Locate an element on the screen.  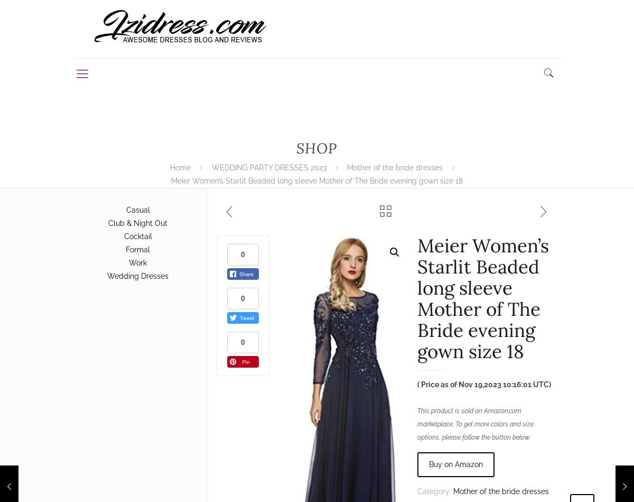
'Casual' is located at coordinates (125, 209).